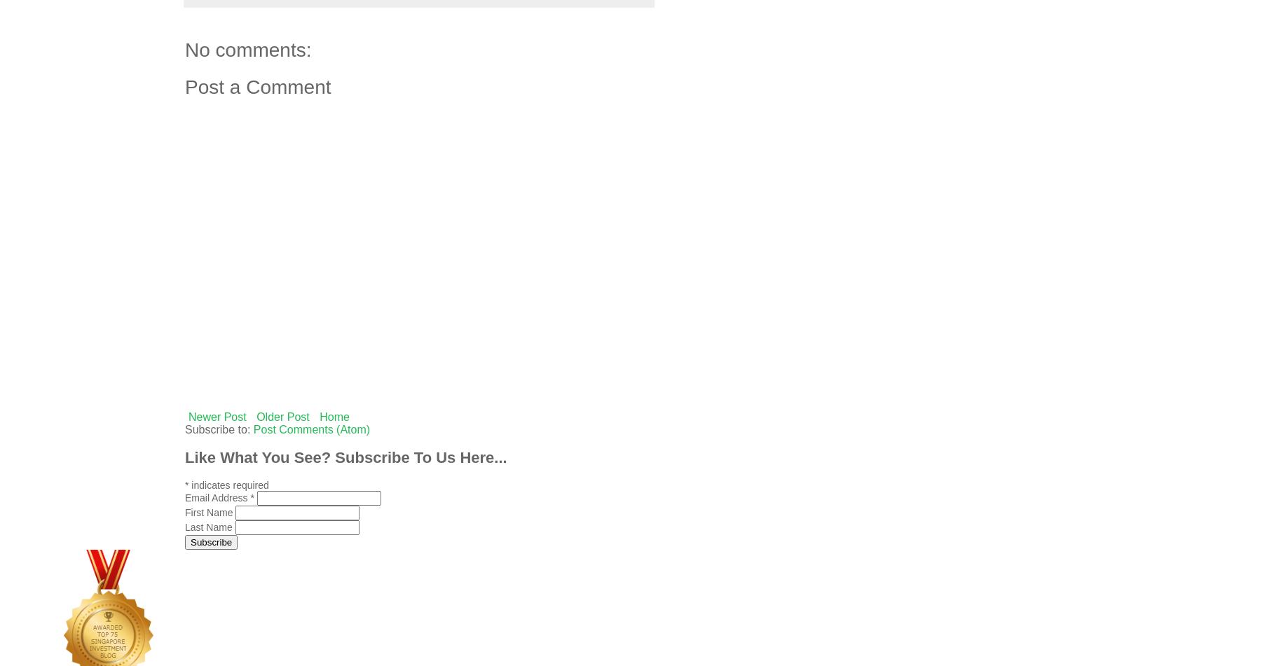 The width and height of the screenshot is (1267, 666). I want to click on 'Newer Post', so click(217, 415).